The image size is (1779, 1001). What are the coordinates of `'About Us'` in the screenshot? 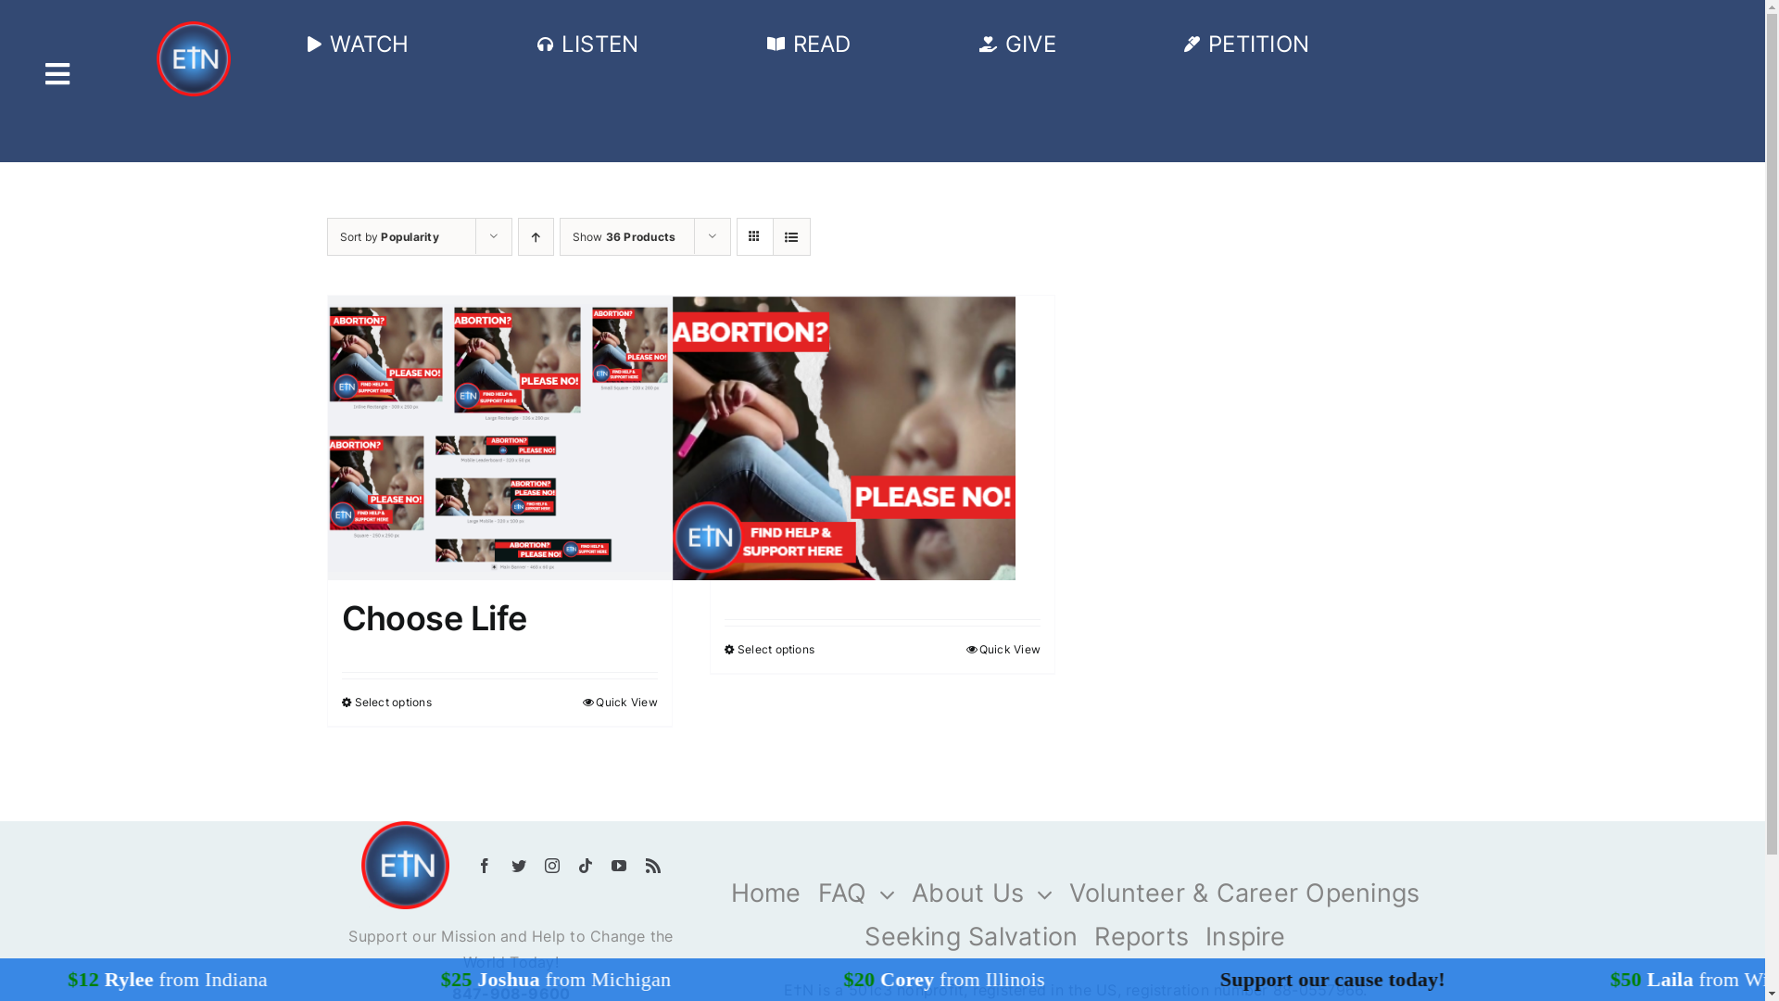 It's located at (981, 893).